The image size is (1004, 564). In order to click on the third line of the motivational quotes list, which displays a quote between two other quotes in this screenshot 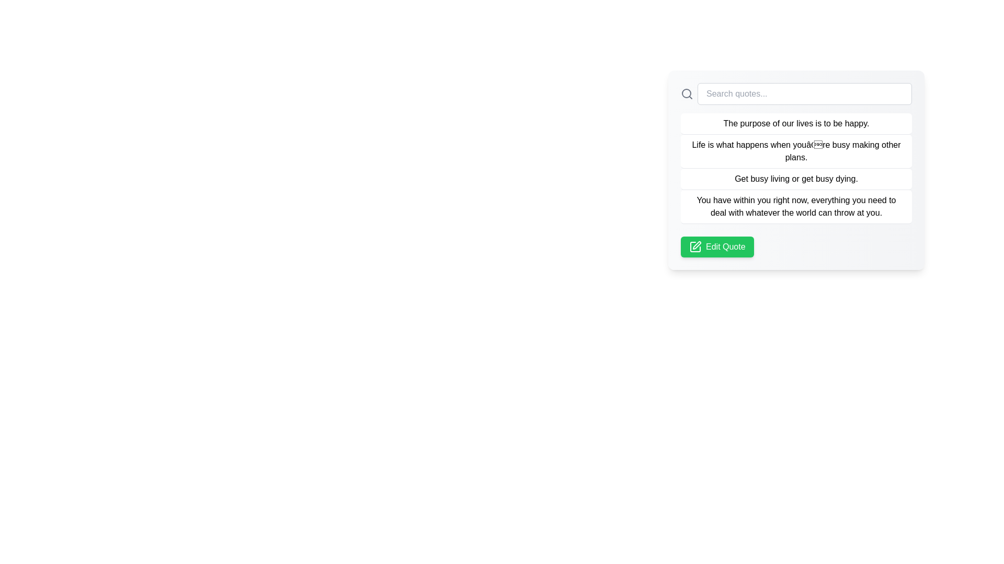, I will do `click(795, 179)`.